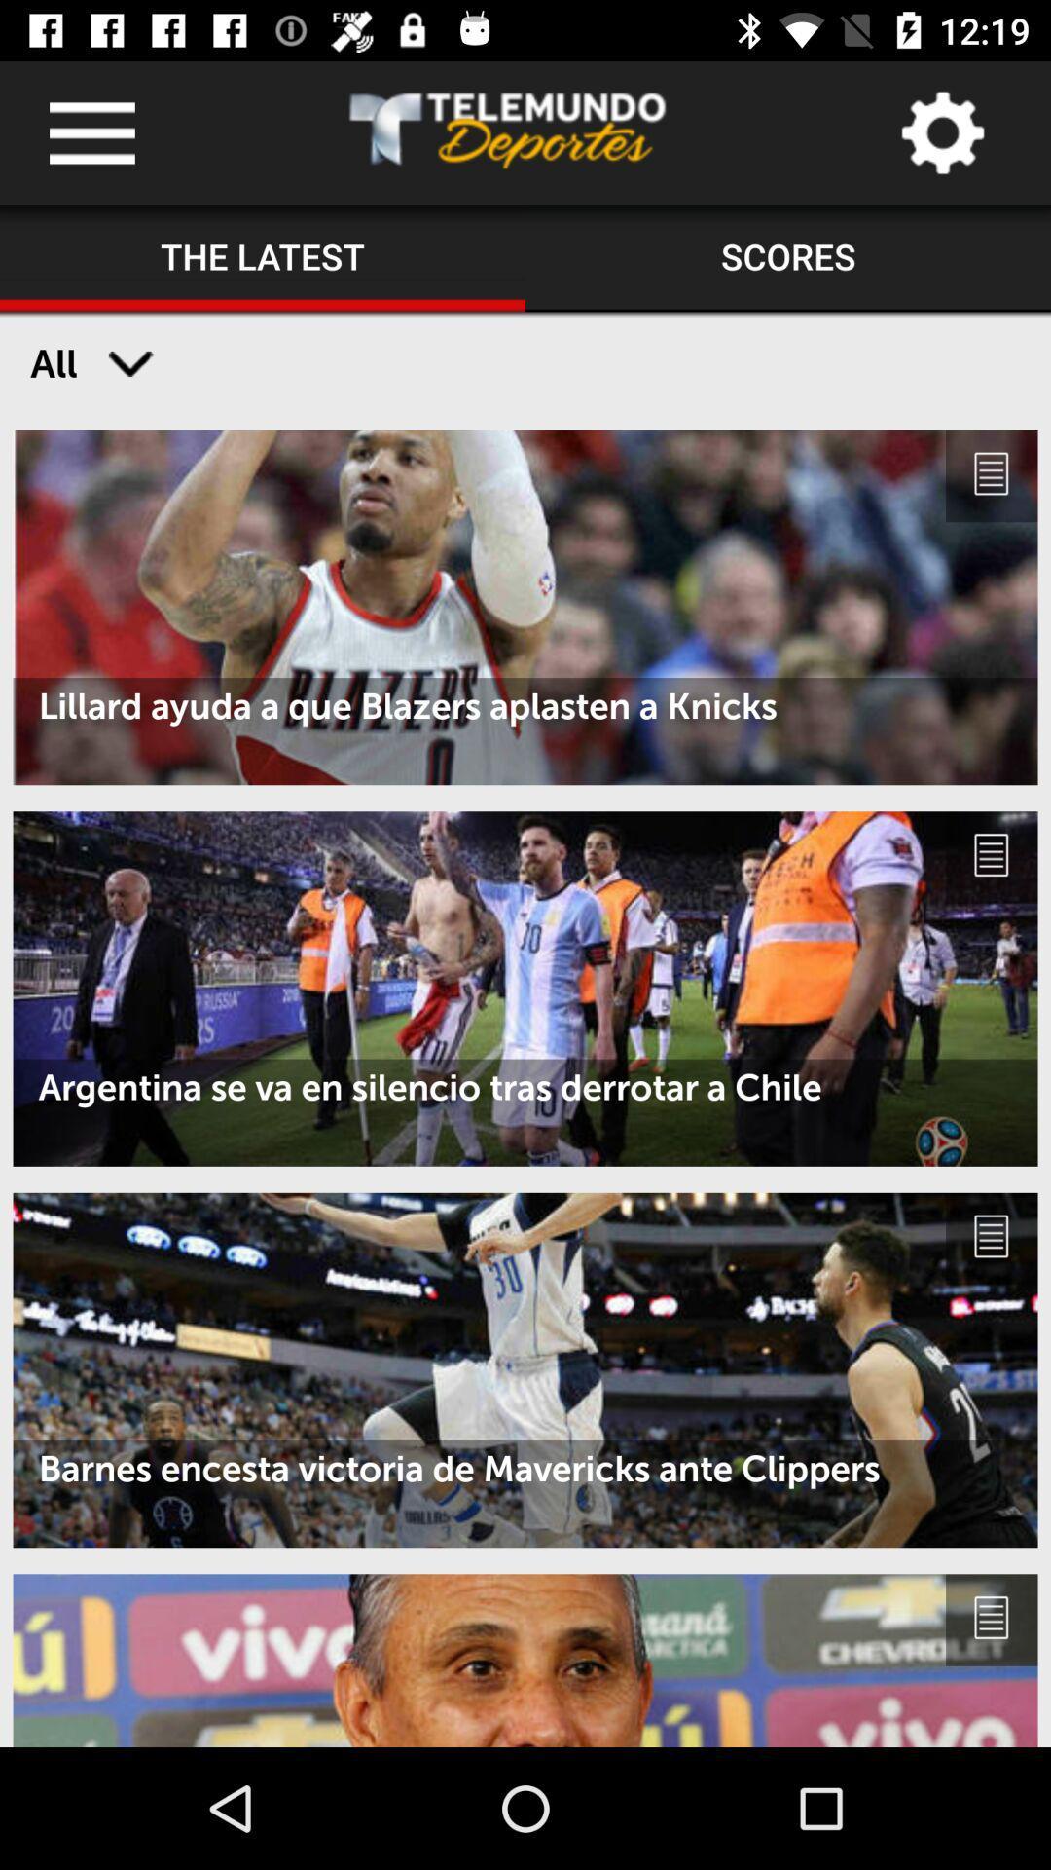 This screenshot has width=1051, height=1870. Describe the element at coordinates (941, 131) in the screenshot. I see `open settings` at that location.